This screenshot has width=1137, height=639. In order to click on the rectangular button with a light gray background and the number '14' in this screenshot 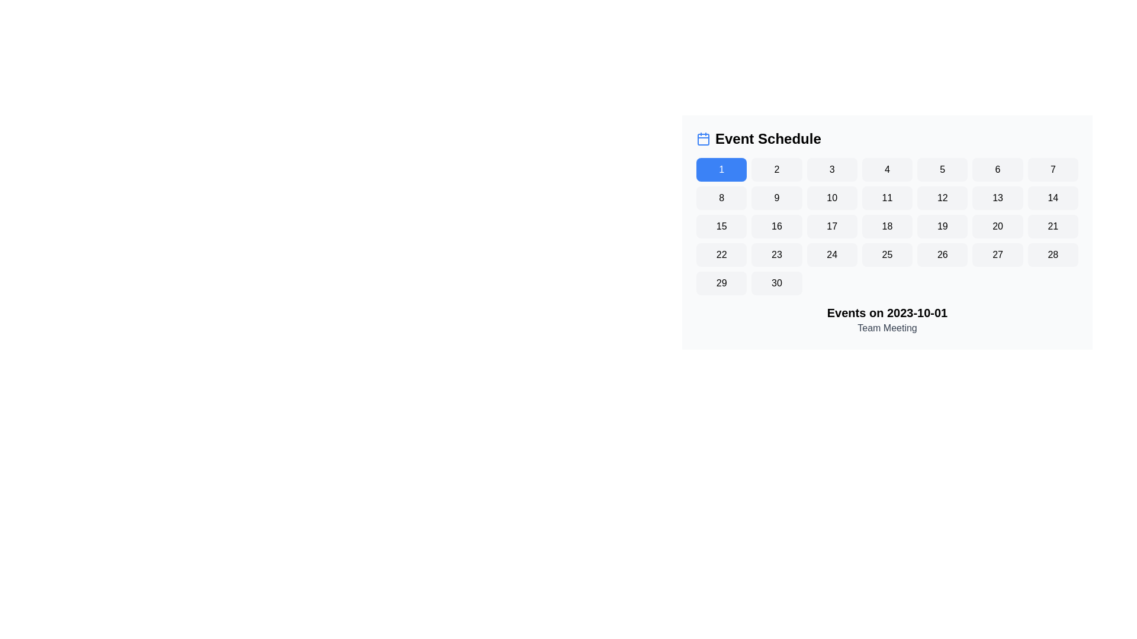, I will do `click(1053, 198)`.